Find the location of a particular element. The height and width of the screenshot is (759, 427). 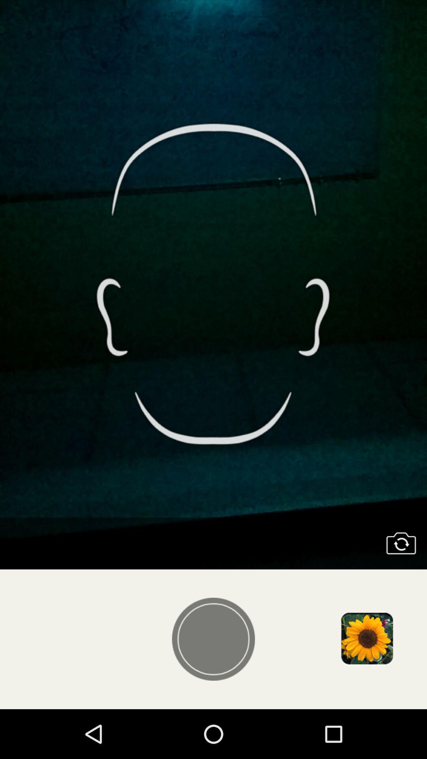

share the article is located at coordinates (367, 639).